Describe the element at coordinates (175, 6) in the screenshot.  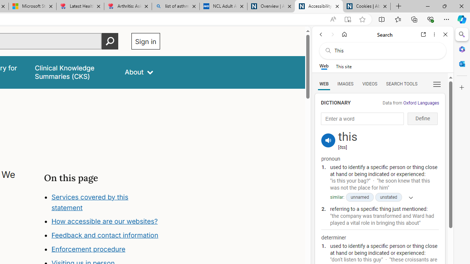
I see `'list of asthma inhalers uk - Search'` at that location.